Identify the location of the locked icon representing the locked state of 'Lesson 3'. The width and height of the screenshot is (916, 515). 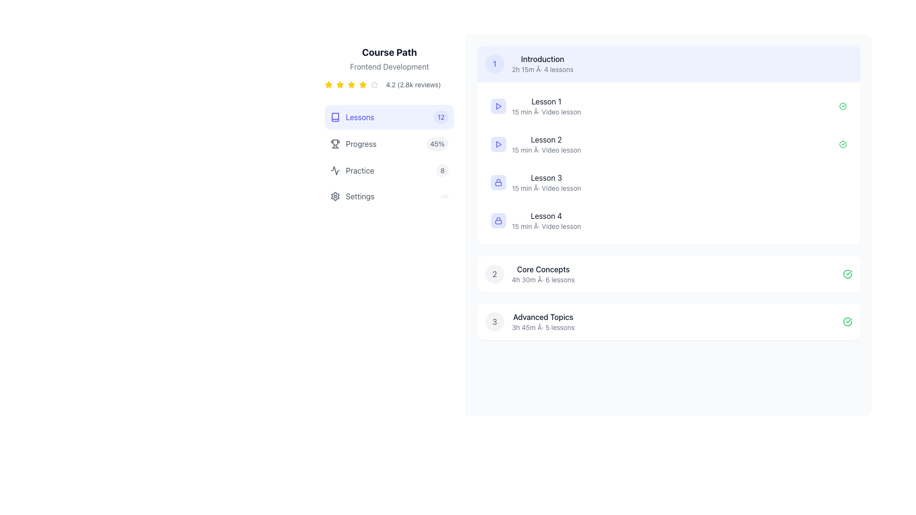
(498, 182).